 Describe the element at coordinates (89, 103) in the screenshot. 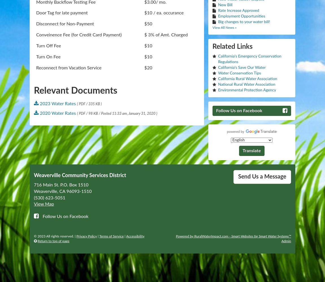

I see `'( 
    PDF 
    / 
    335 KB 
     
    )'` at that location.